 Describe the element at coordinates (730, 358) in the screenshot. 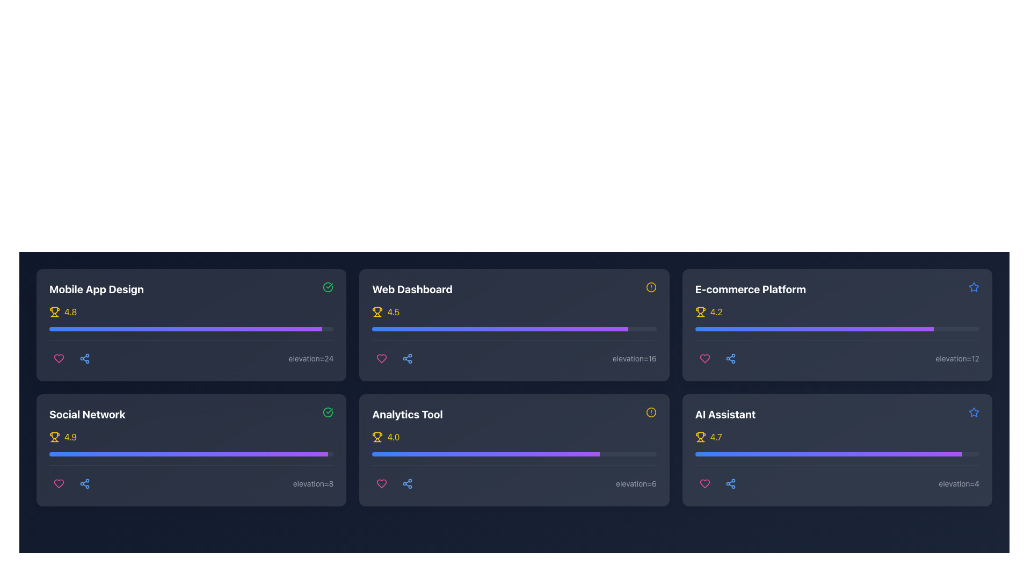

I see `the circular blue button with a connection icon located at the bottom right of the 'E-commerce Platform' card` at that location.